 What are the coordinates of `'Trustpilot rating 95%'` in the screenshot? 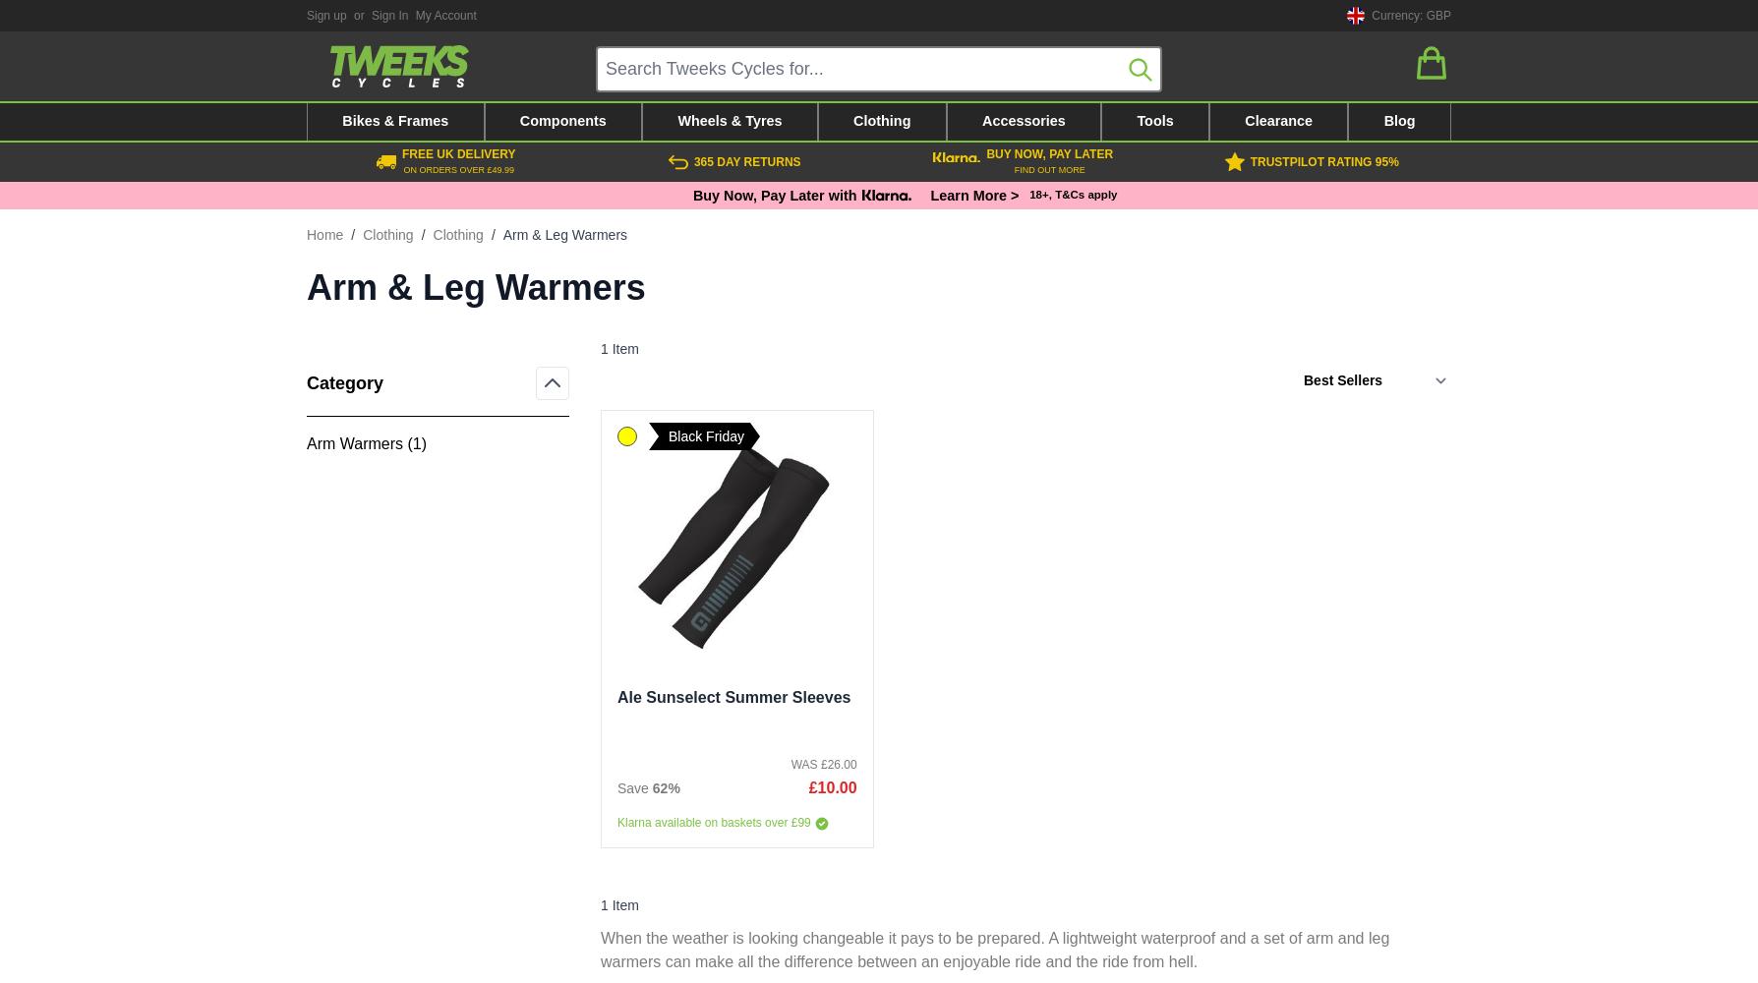 It's located at (1323, 161).